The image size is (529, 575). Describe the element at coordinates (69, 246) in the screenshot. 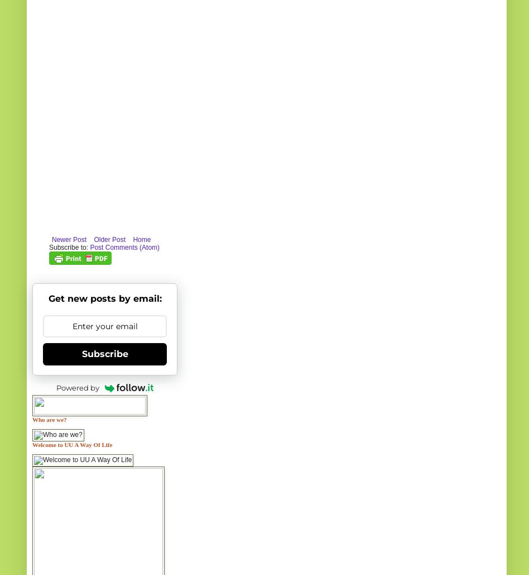

I see `'Subscribe to:'` at that location.